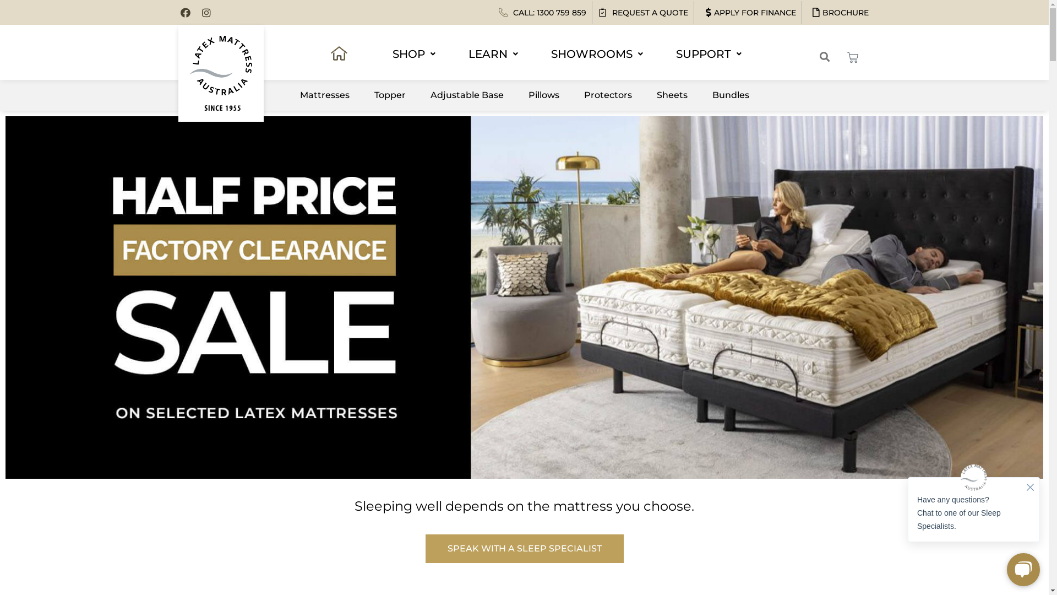 This screenshot has width=1057, height=595. I want to click on 'APPLY FOR FINANCE', so click(748, 13).